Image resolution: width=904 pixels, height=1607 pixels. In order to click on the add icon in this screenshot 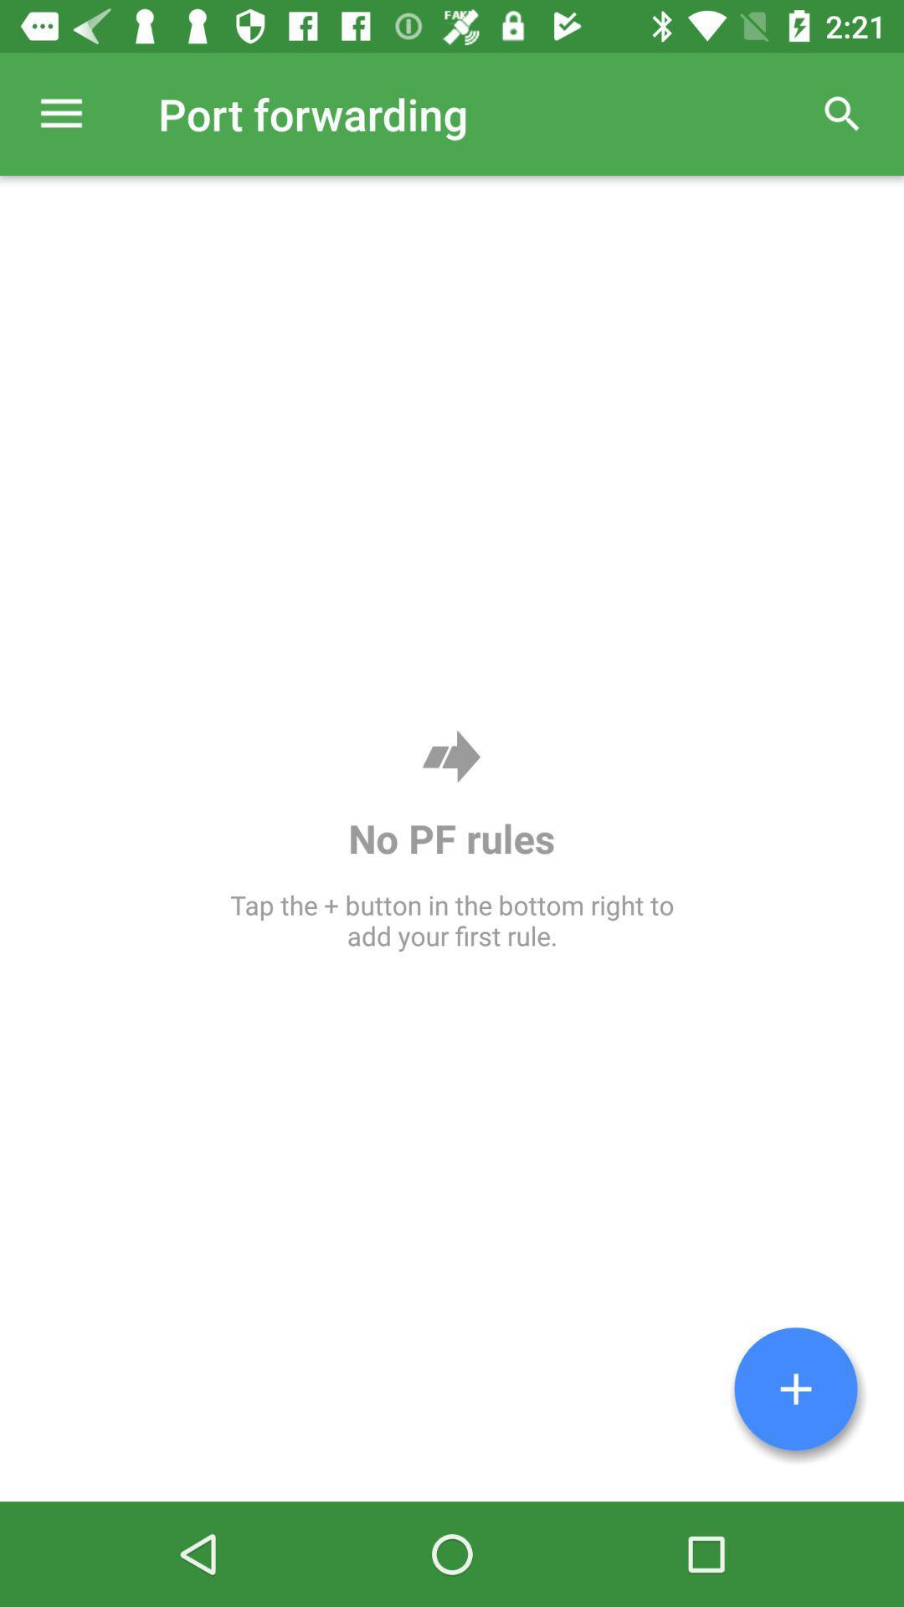, I will do `click(795, 1389)`.